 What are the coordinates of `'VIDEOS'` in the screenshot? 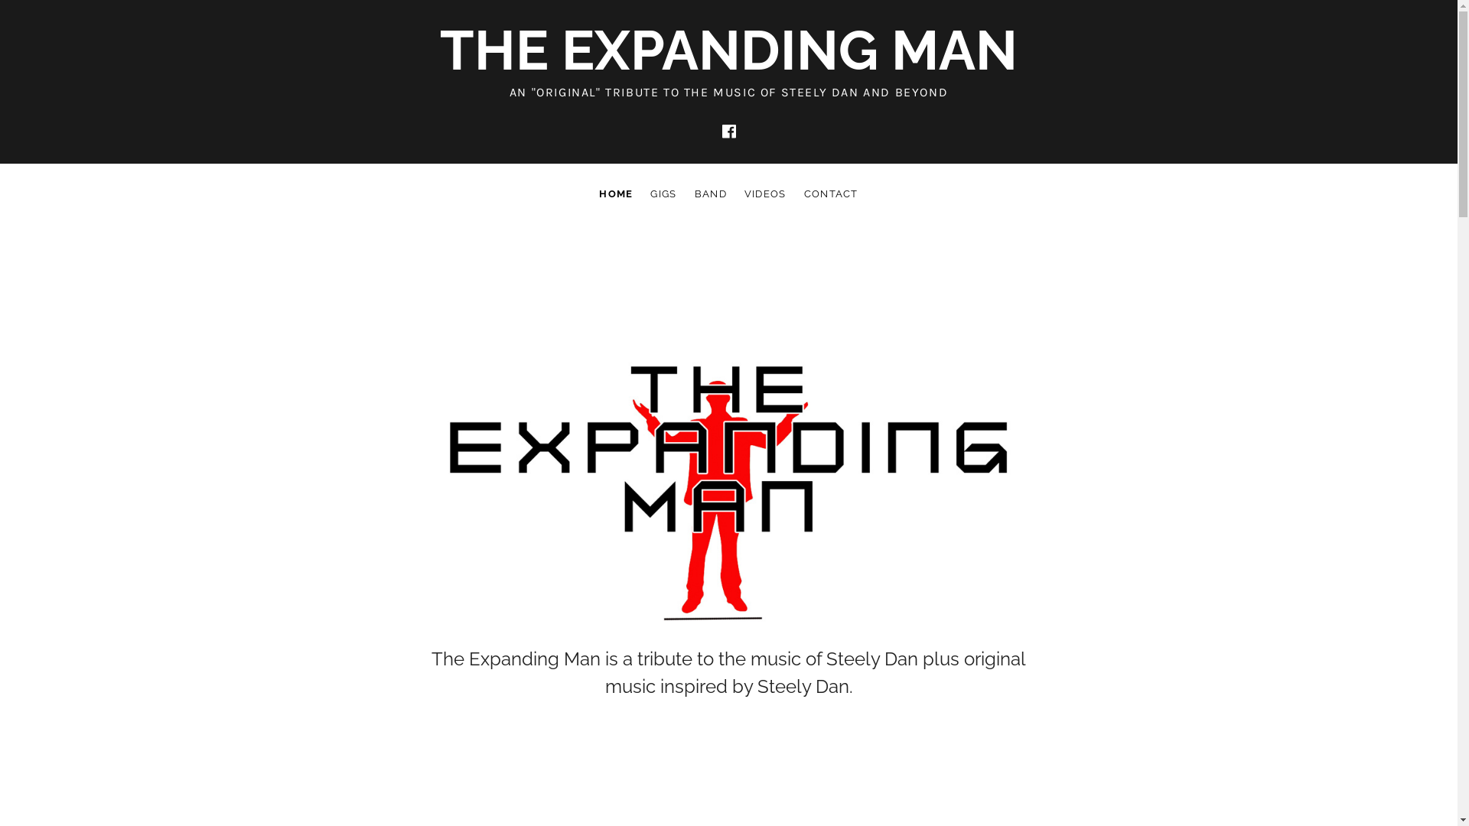 It's located at (765, 193).